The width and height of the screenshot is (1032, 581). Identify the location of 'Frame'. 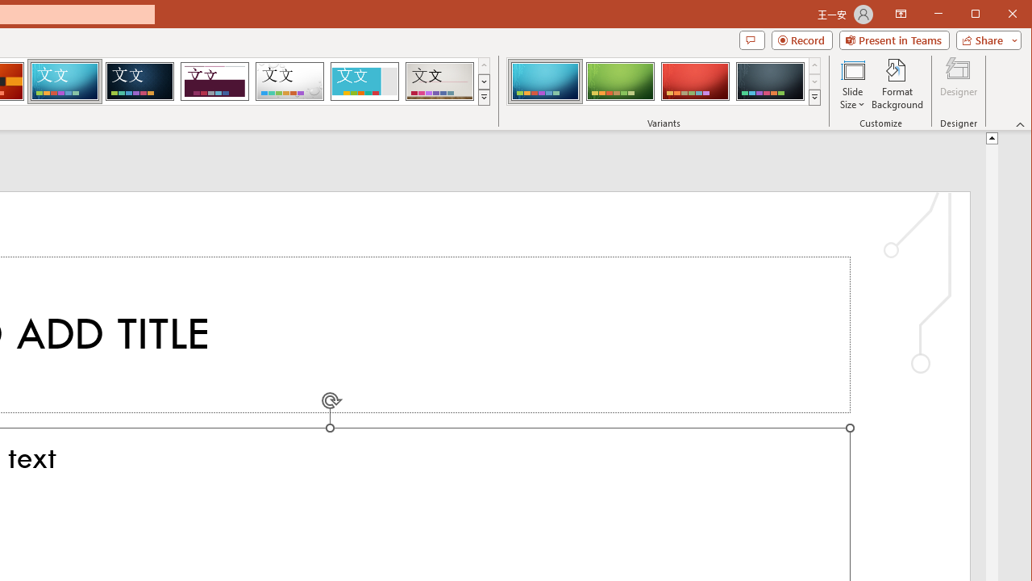
(364, 81).